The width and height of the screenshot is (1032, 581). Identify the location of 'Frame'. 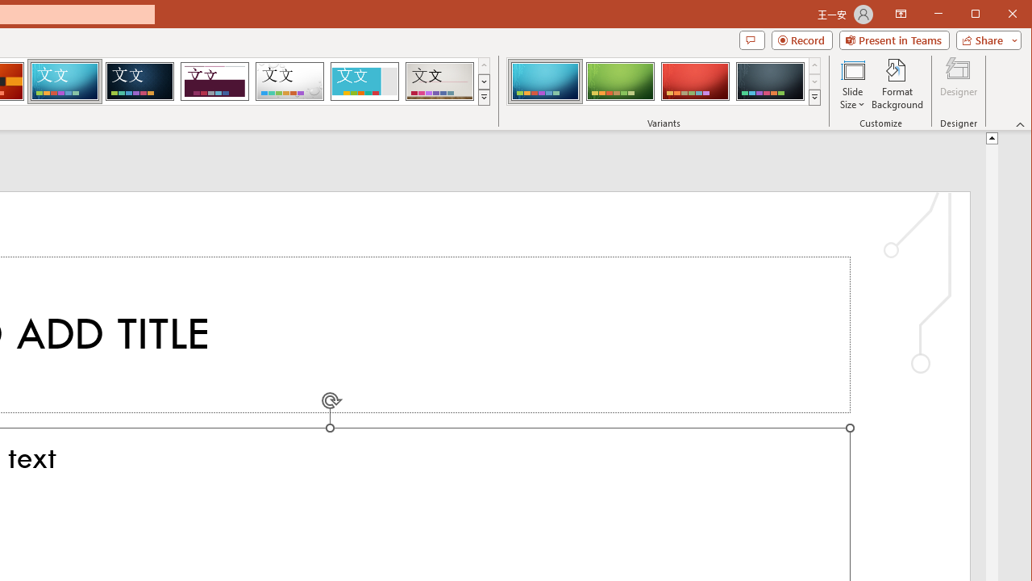
(364, 81).